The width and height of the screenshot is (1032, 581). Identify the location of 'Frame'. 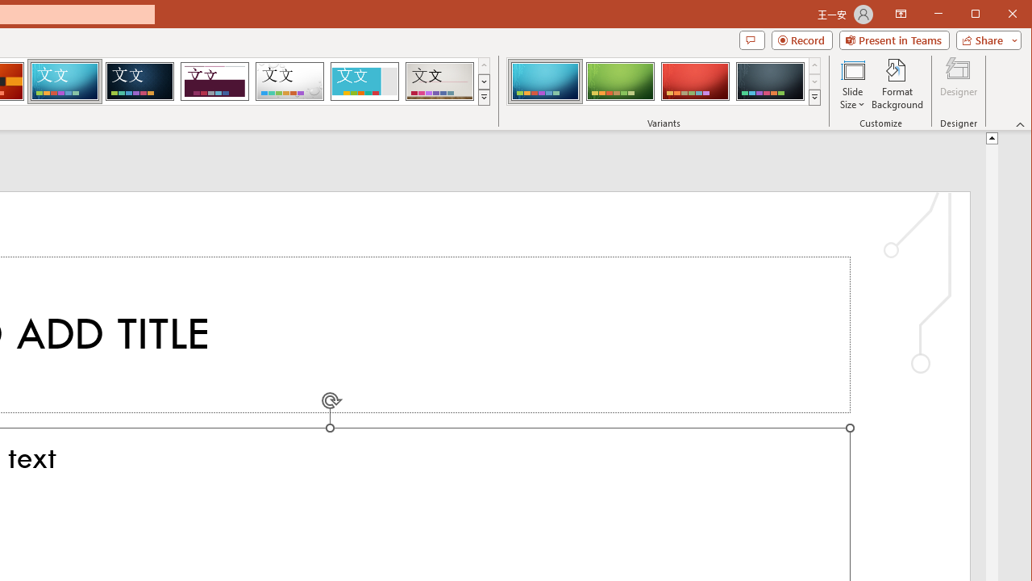
(364, 81).